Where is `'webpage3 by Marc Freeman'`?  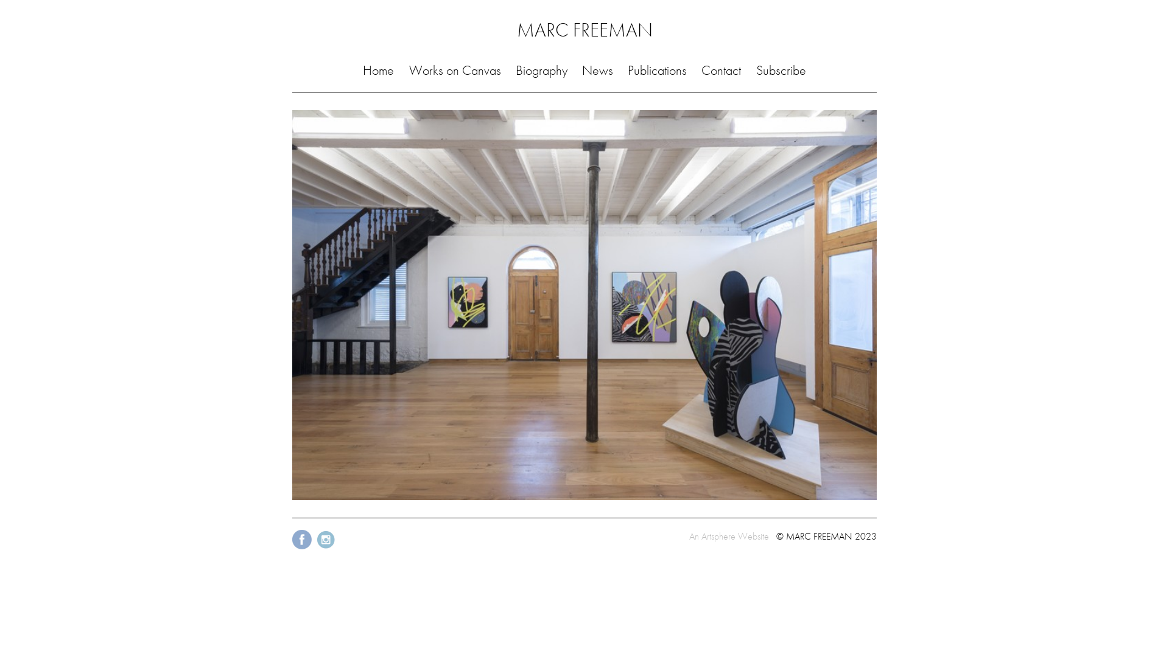 'webpage3 by Marc Freeman' is located at coordinates (584, 304).